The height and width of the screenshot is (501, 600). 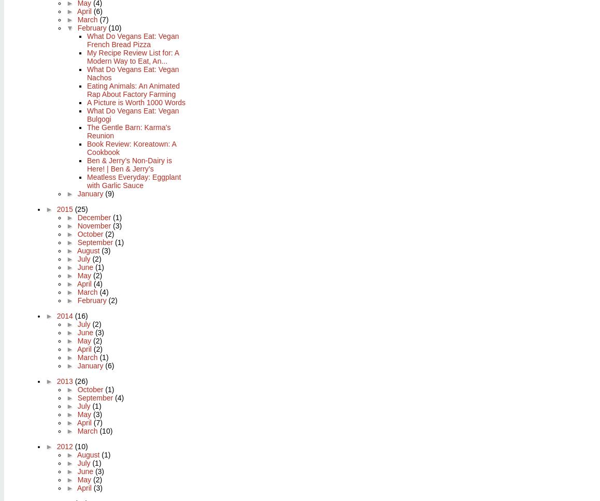 I want to click on '2013', so click(x=65, y=380).